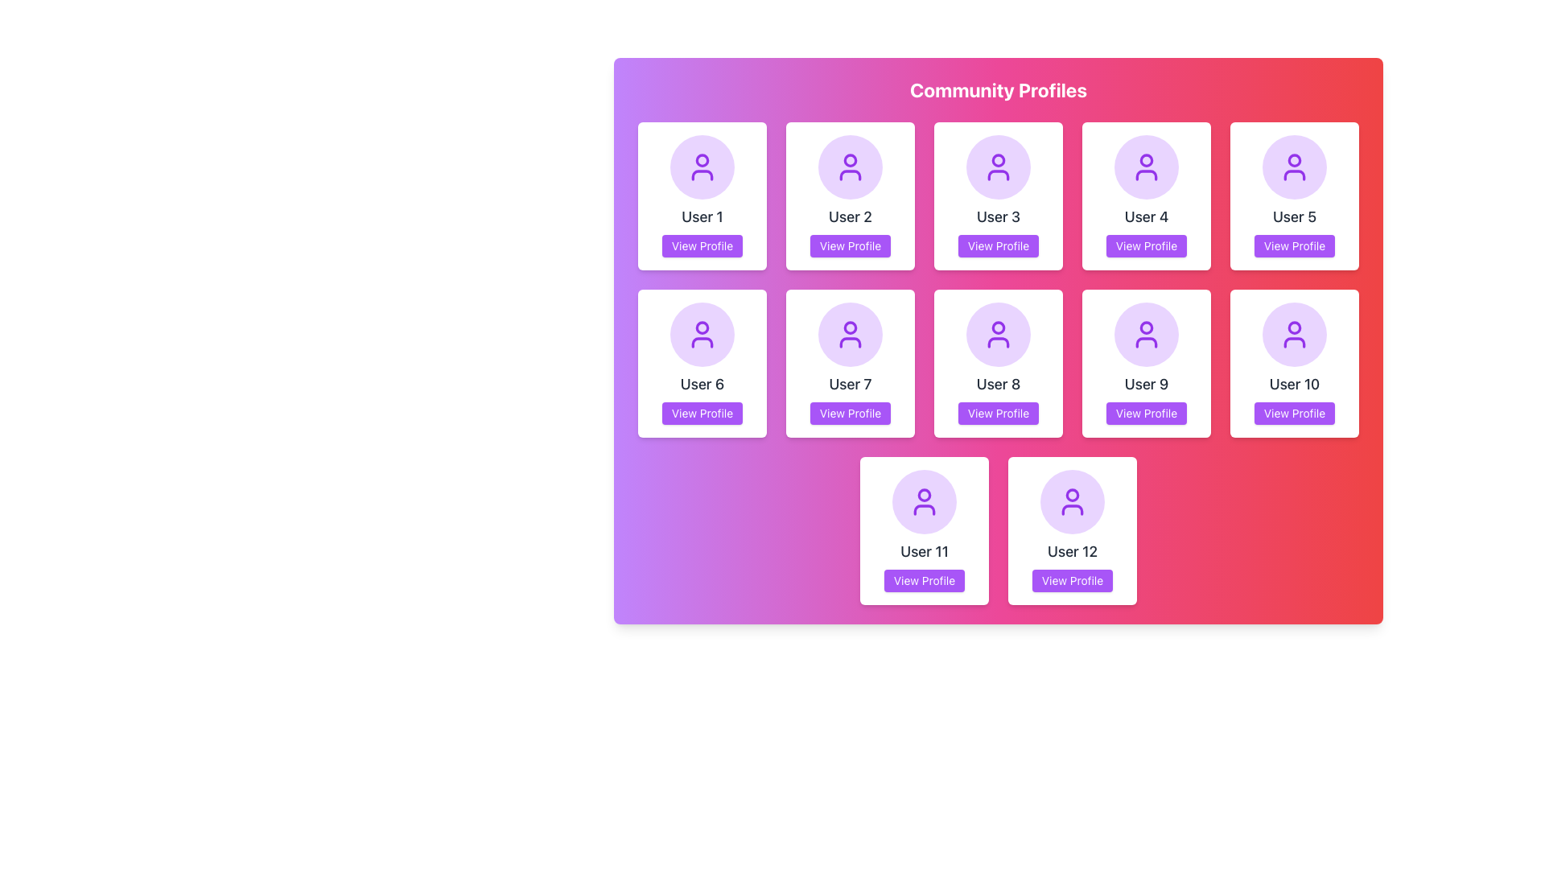  I want to click on the lower segment of the user icon in the 'User 10' card interface, so click(1294, 341).